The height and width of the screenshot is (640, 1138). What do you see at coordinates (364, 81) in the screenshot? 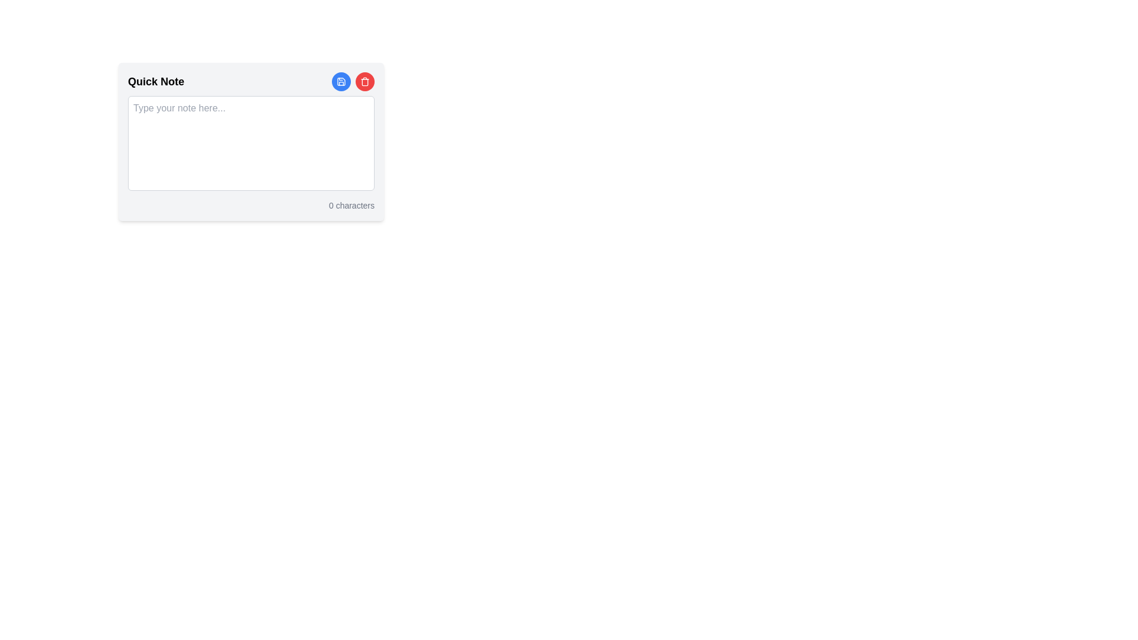
I see `the delete icon button located at the top-right corner of the 'Quick Note' interface` at bounding box center [364, 81].